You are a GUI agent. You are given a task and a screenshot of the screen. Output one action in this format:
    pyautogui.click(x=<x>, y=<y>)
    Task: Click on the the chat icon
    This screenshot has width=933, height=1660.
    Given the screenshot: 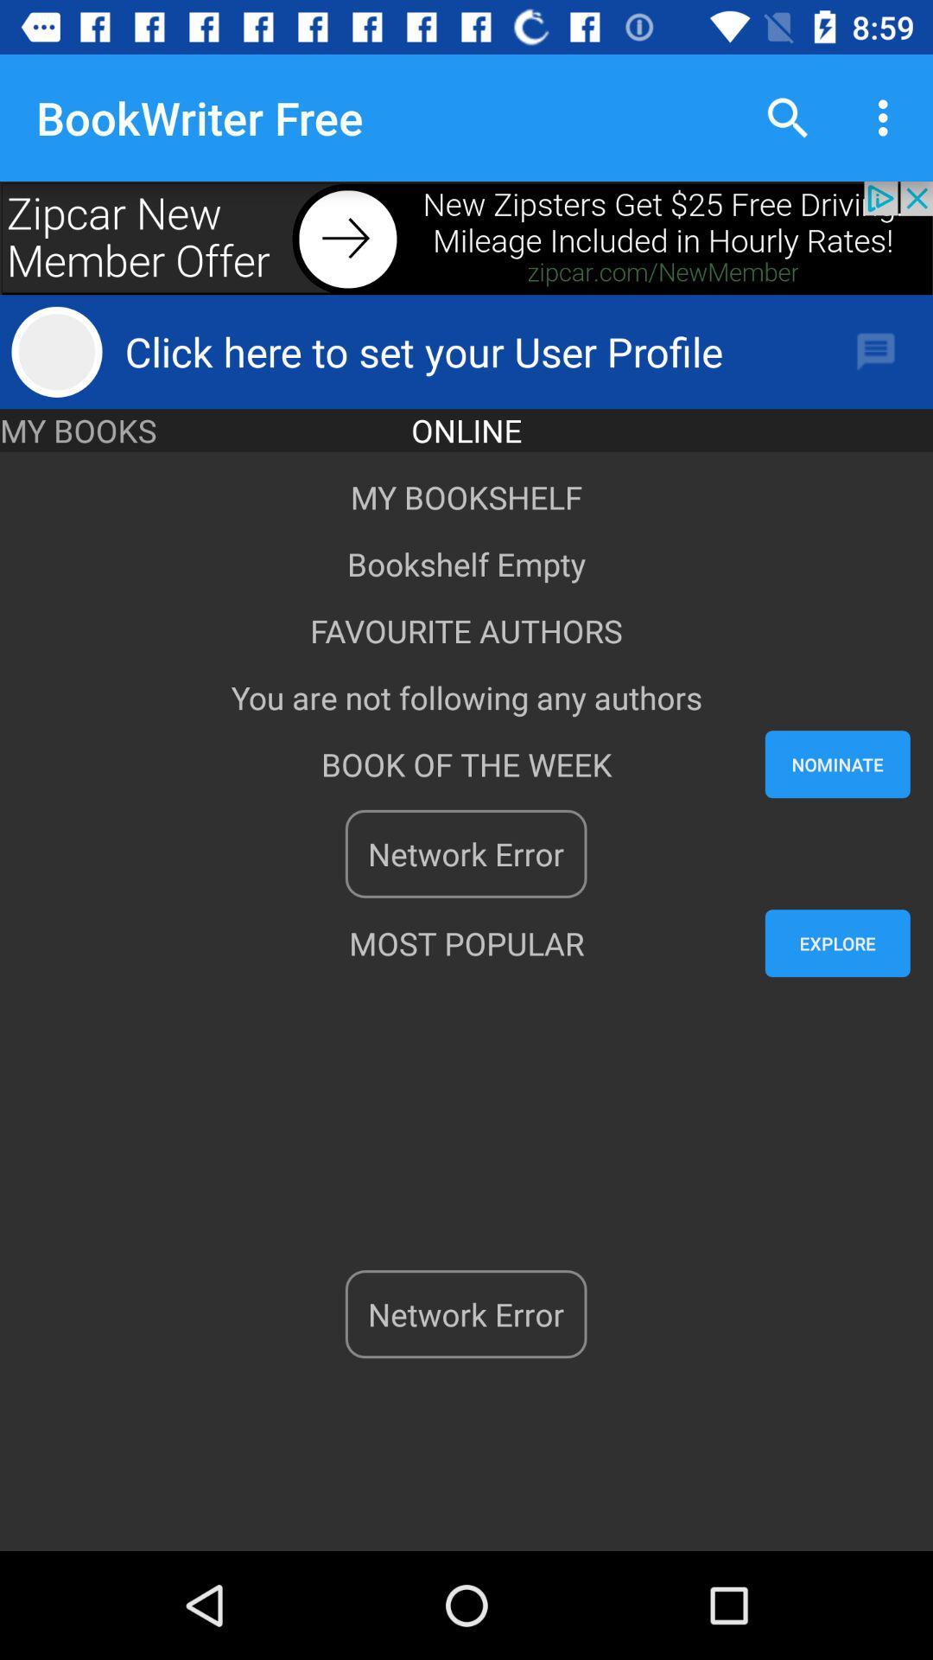 What is the action you would take?
    pyautogui.click(x=876, y=351)
    